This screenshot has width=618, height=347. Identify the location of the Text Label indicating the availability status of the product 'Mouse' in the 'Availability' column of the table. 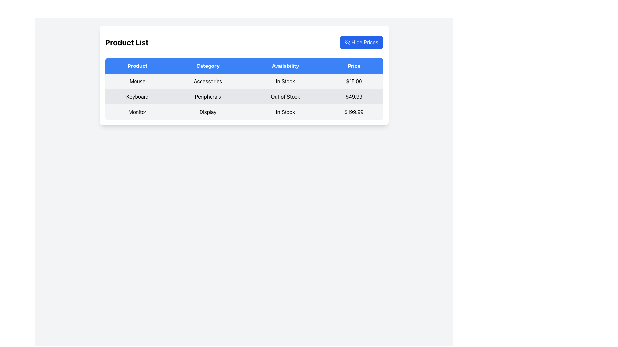
(285, 81).